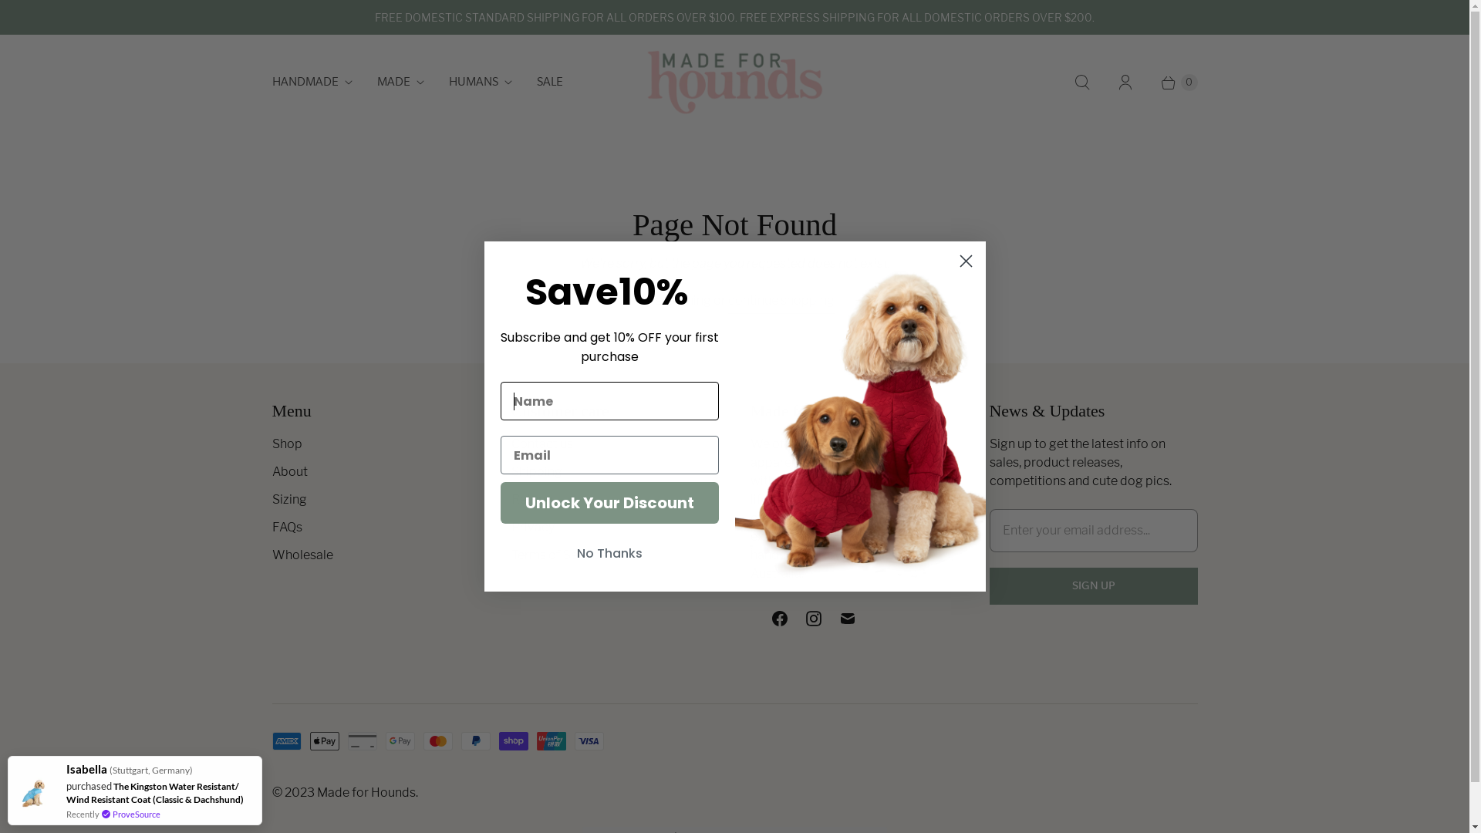 The image size is (1481, 833). Describe the element at coordinates (608, 552) in the screenshot. I see `'No Thanks'` at that location.